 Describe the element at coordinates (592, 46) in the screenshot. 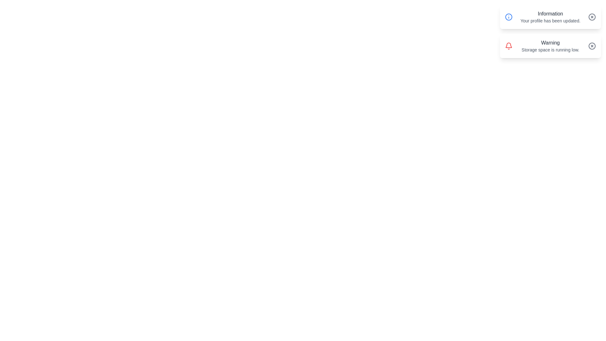

I see `the close button styled as a circle with an 'X' icon located at the top-right corner inside the warning notification box` at that location.